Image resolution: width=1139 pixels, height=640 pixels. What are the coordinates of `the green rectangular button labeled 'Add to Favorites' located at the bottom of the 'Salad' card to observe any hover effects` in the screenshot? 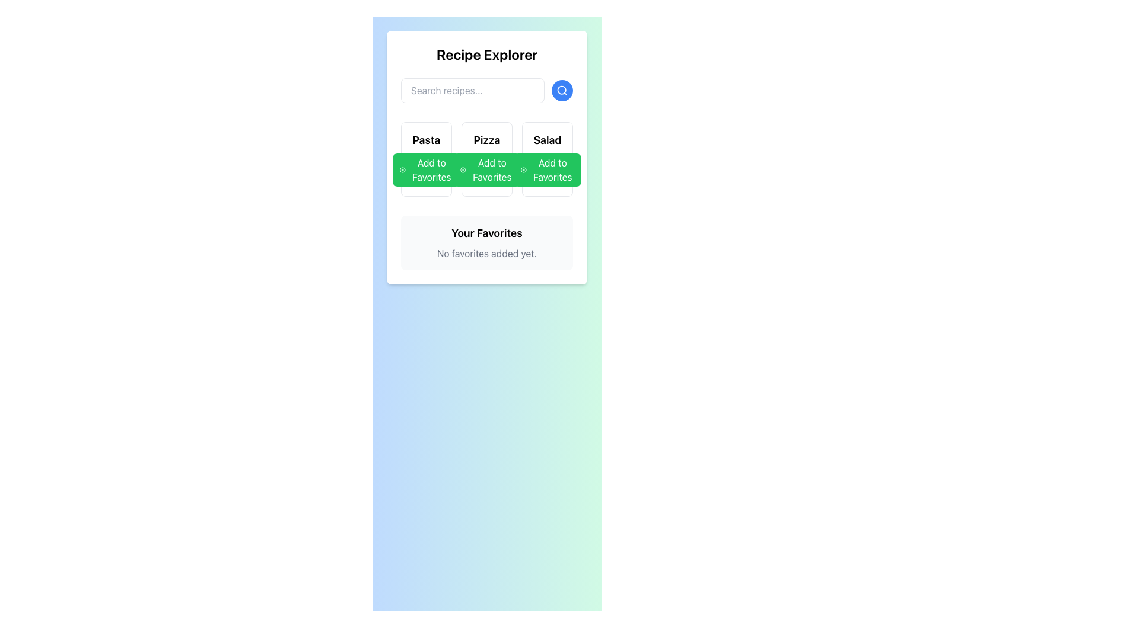 It's located at (546, 169).